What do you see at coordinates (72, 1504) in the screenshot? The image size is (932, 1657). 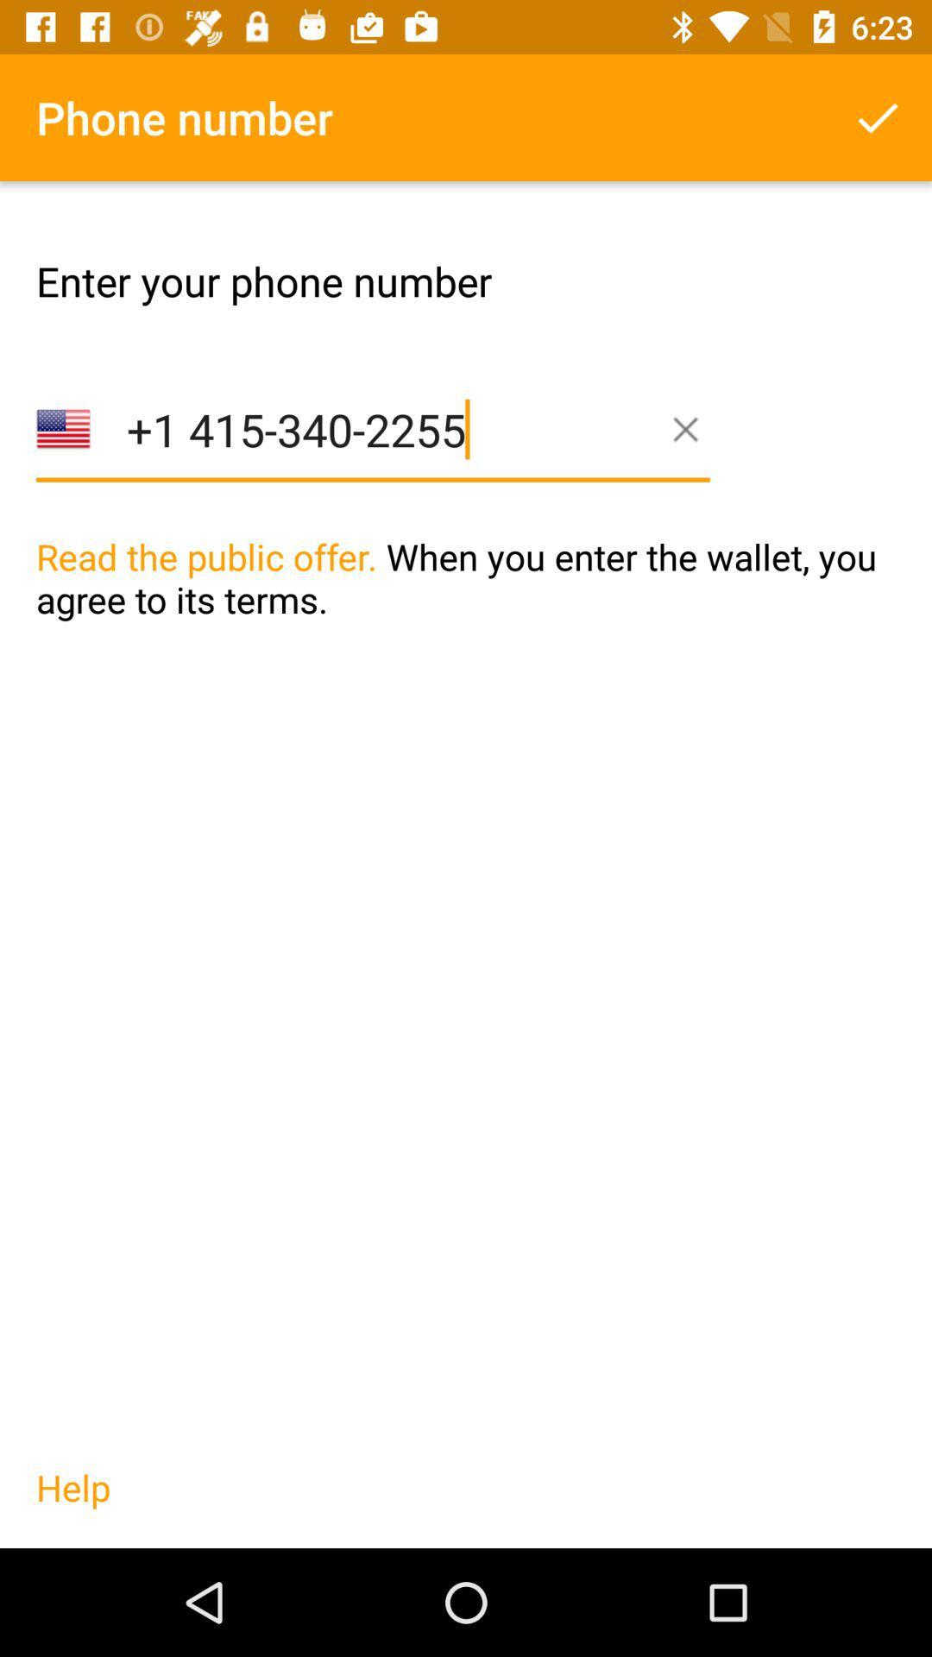 I see `the icon below the read the public item` at bounding box center [72, 1504].